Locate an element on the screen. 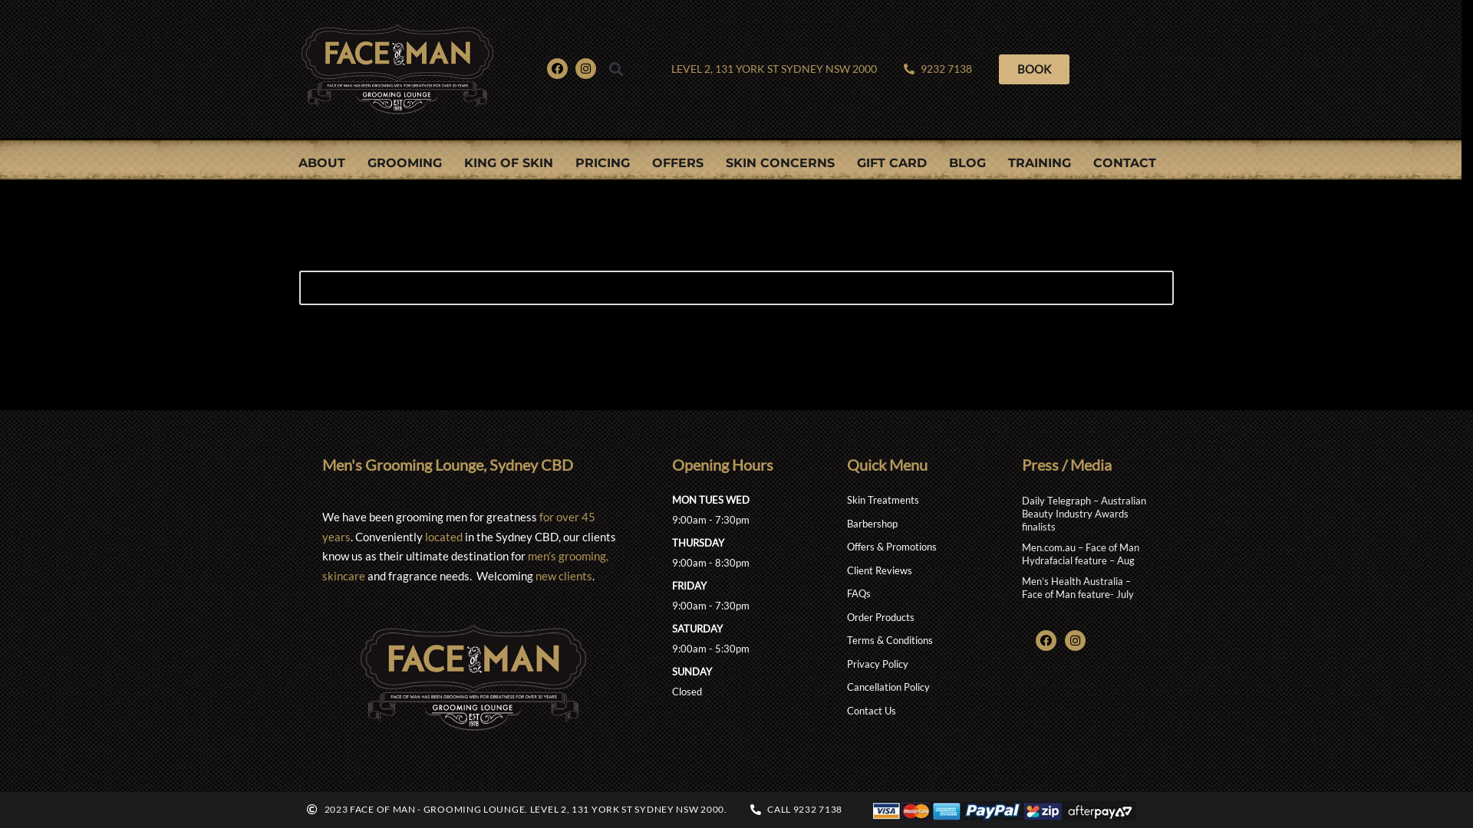  'KING OF SKIN' is located at coordinates (508, 163).